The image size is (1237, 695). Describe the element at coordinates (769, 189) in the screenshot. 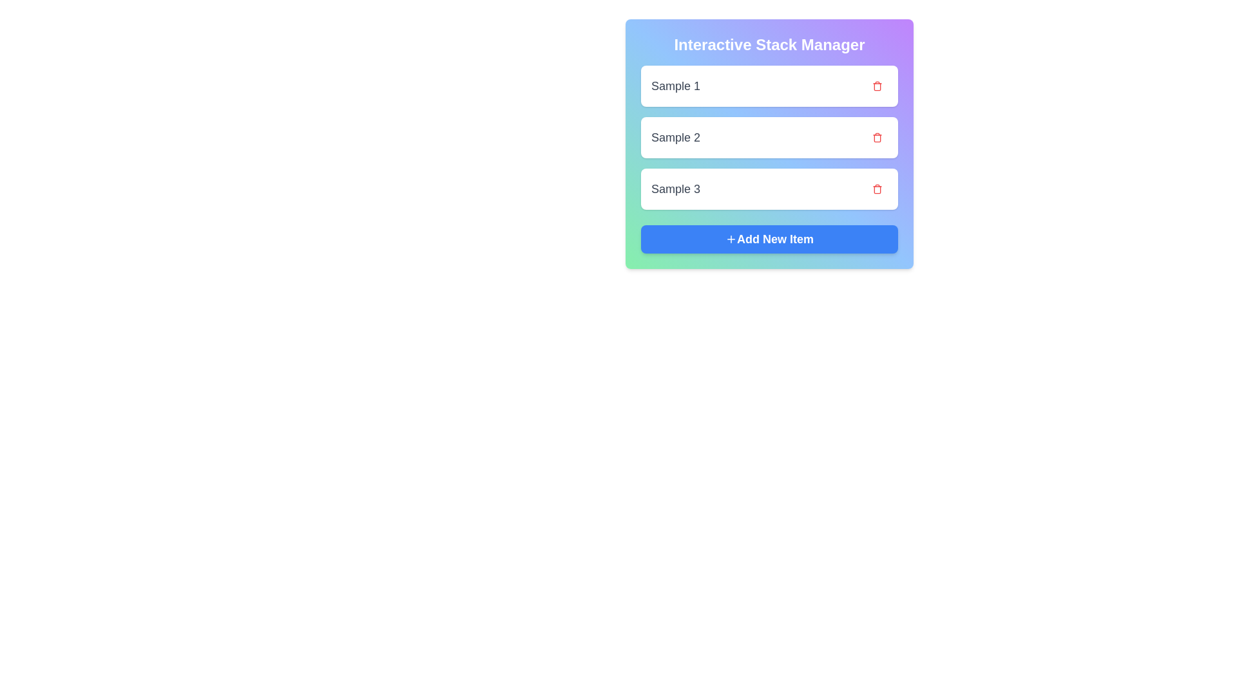

I see `the third item in the list within the 'Interactive Stack Manager' by moving to its center point` at that location.